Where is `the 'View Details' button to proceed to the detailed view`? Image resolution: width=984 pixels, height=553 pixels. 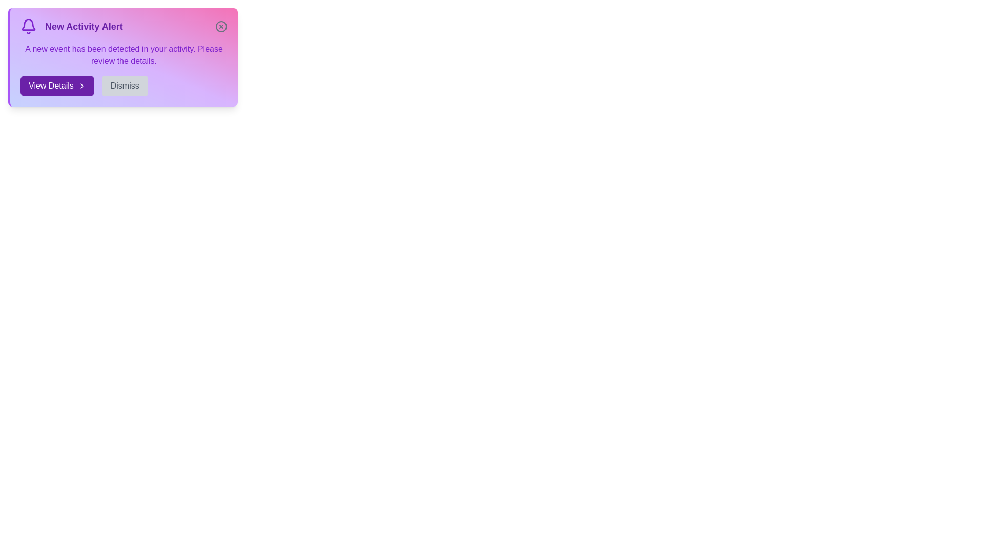
the 'View Details' button to proceed to the detailed view is located at coordinates (56, 86).